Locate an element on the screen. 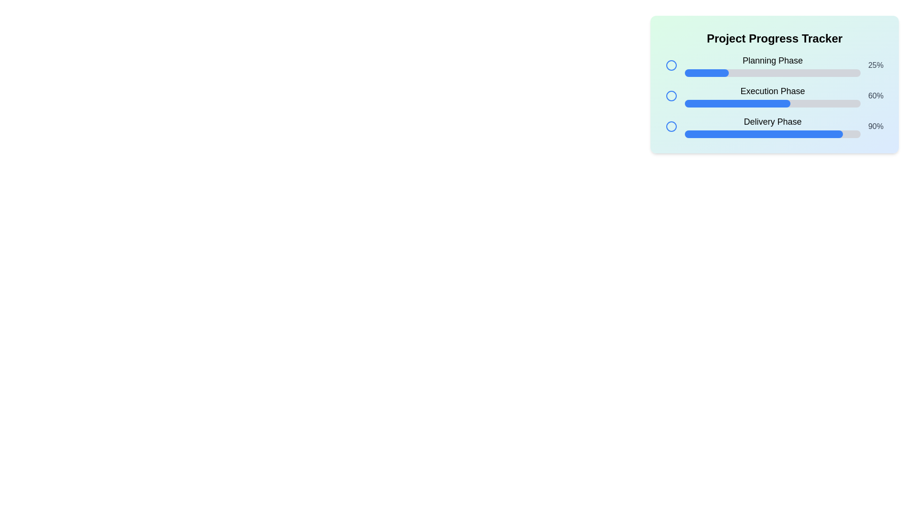 Image resolution: width=917 pixels, height=516 pixels. the 'Delivery Phase' progress bar, which visually represents the progress with a percentage ('90%') is located at coordinates (772, 126).